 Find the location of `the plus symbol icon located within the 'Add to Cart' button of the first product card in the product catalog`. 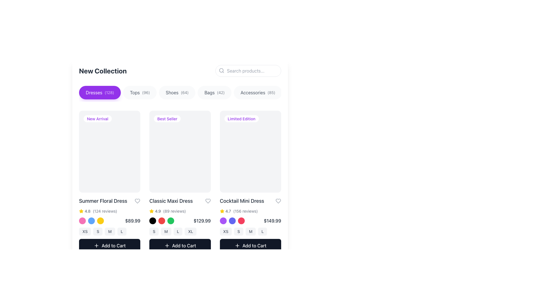

the plus symbol icon located within the 'Add to Cart' button of the first product card in the product catalog is located at coordinates (97, 245).